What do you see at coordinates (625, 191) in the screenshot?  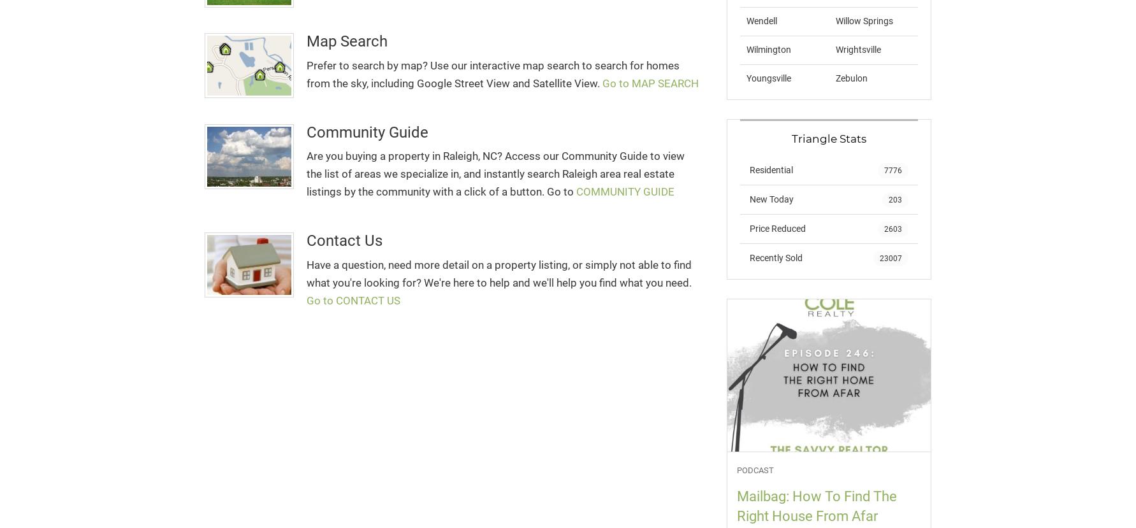 I see `'COMMUNITY GUIDE'` at bounding box center [625, 191].